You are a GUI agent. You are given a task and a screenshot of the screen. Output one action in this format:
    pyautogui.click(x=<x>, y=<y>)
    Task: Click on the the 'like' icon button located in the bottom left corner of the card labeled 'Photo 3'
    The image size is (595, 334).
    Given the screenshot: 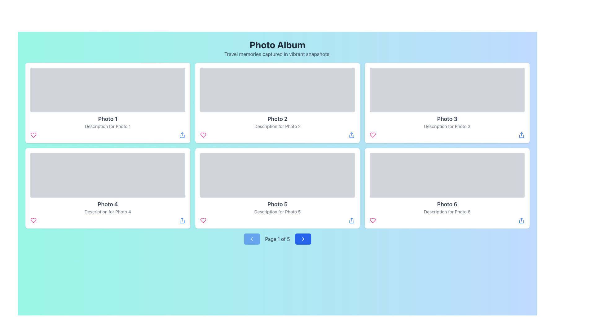 What is the action you would take?
    pyautogui.click(x=372, y=135)
    